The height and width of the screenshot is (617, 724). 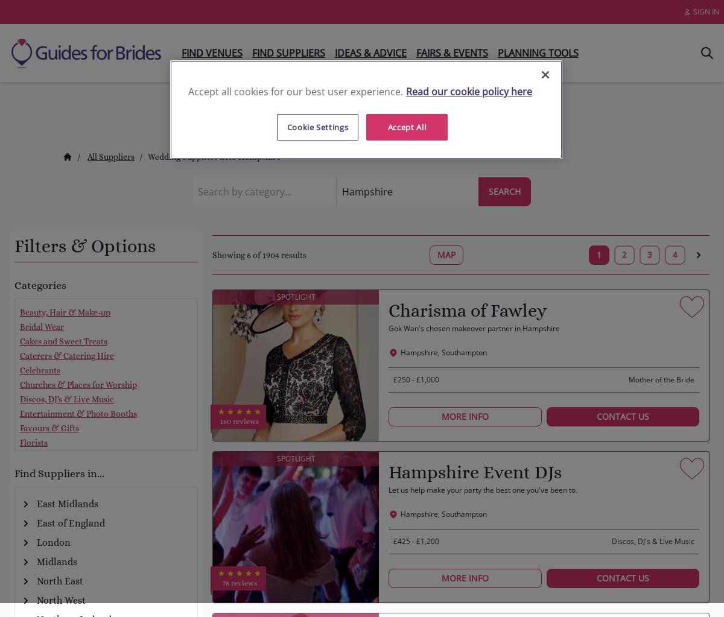 What do you see at coordinates (78, 385) in the screenshot?
I see `'Churches & Places for Worship'` at bounding box center [78, 385].